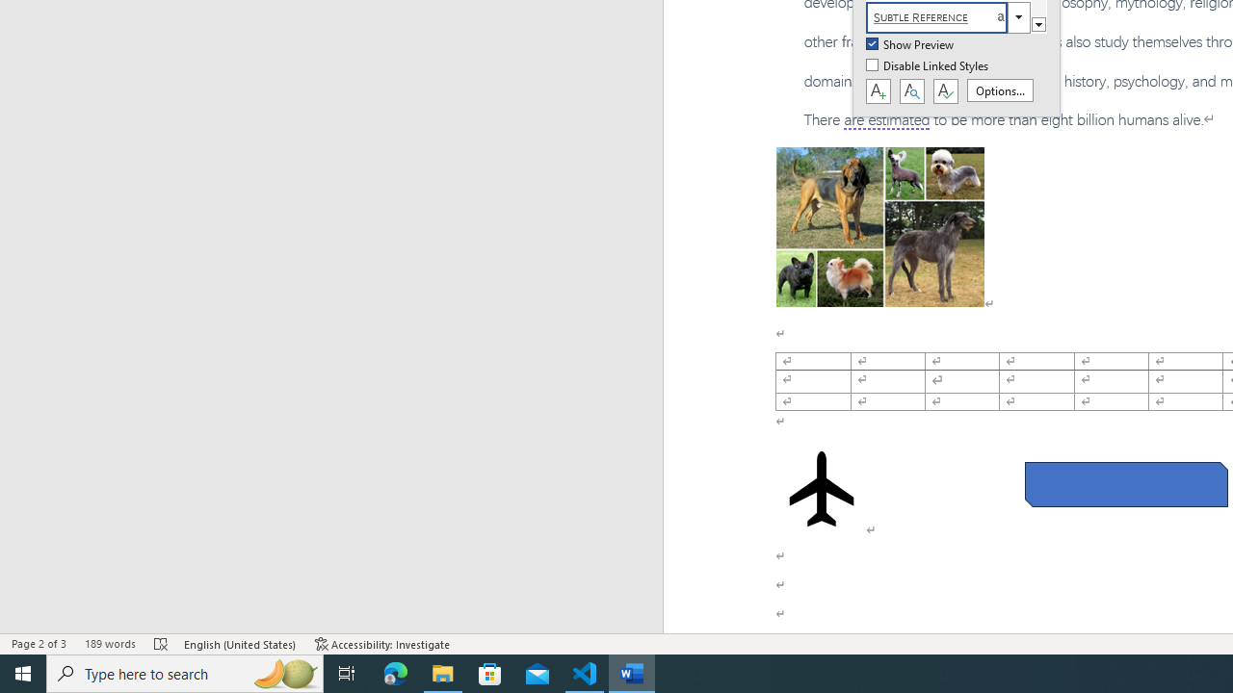 The image size is (1233, 693). I want to click on 'Subtle Reference', so click(948, 17).